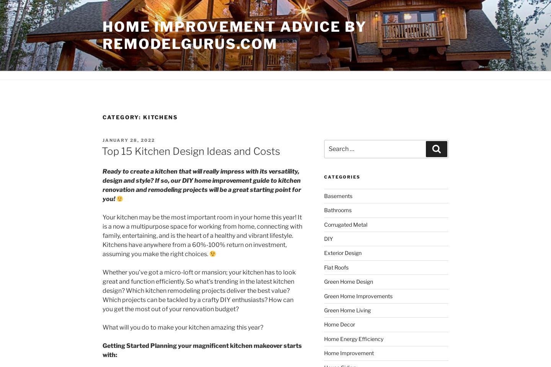 Image resolution: width=551 pixels, height=367 pixels. Describe the element at coordinates (353, 338) in the screenshot. I see `'Home Energy Efficiency'` at that location.